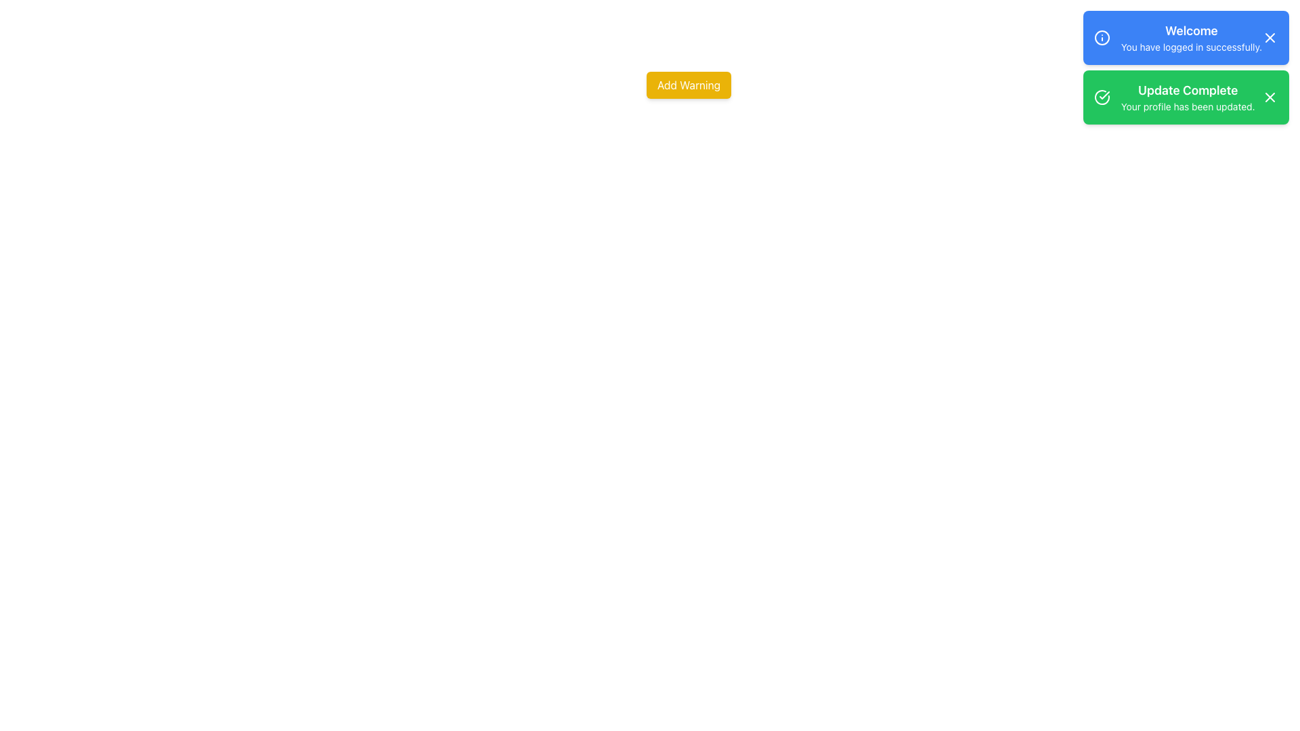 This screenshot has height=731, width=1300. What do you see at coordinates (1102, 37) in the screenshot?
I see `the circular icon styled with a ring perimeter within the blue notification box labeled 'Welcome'` at bounding box center [1102, 37].